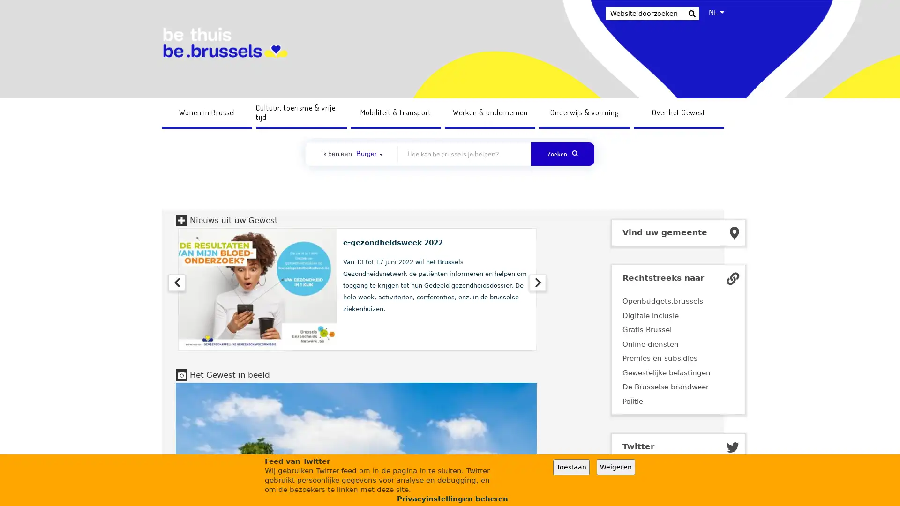  I want to click on Weigeren, so click(616, 467).